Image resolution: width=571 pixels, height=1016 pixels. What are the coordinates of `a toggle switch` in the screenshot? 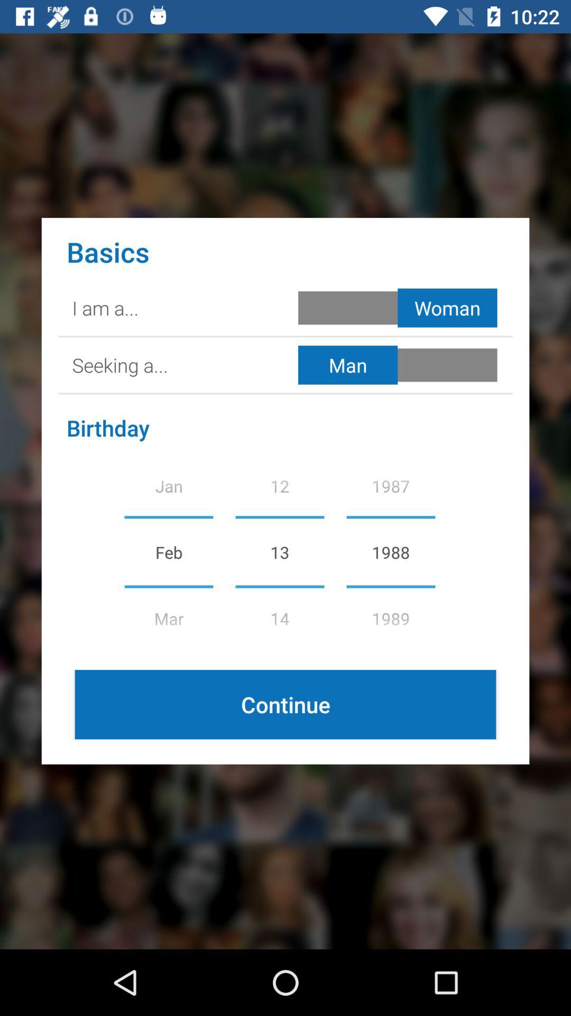 It's located at (400, 365).